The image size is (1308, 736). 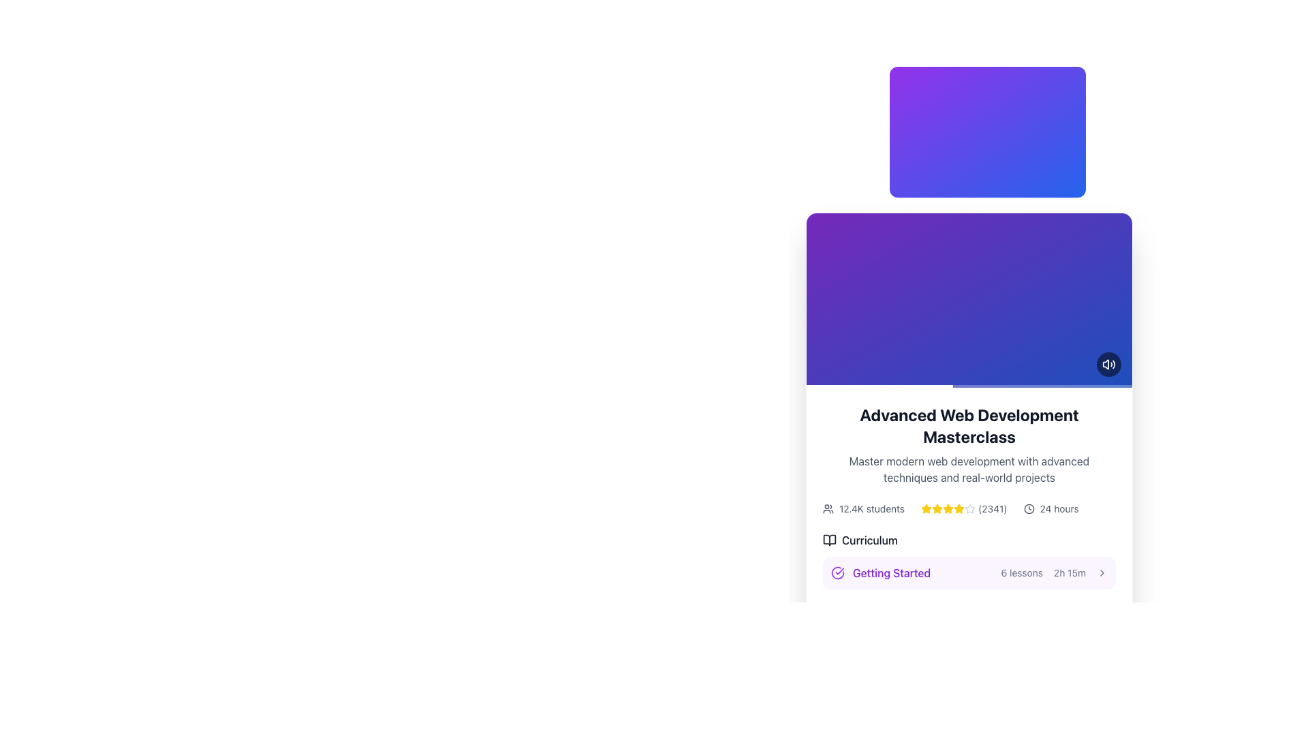 What do you see at coordinates (926, 508) in the screenshot?
I see `the second star in the 5-star rating system for the 'Advanced Web Development Masterclass' course` at bounding box center [926, 508].